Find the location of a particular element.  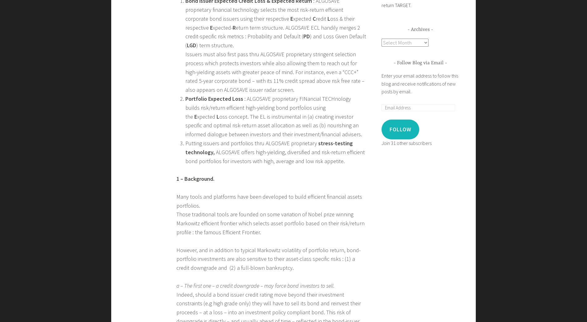

'Portfolio Expected Loss' is located at coordinates (185, 99).